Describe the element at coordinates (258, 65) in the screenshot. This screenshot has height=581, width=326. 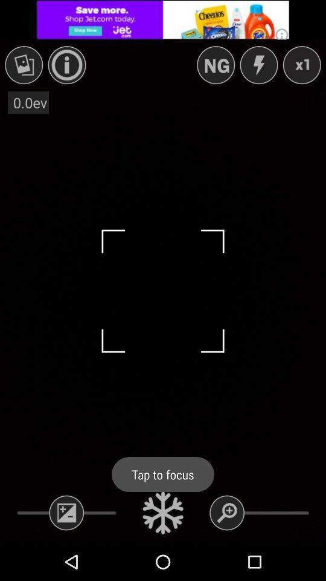
I see `the flash icon` at that location.